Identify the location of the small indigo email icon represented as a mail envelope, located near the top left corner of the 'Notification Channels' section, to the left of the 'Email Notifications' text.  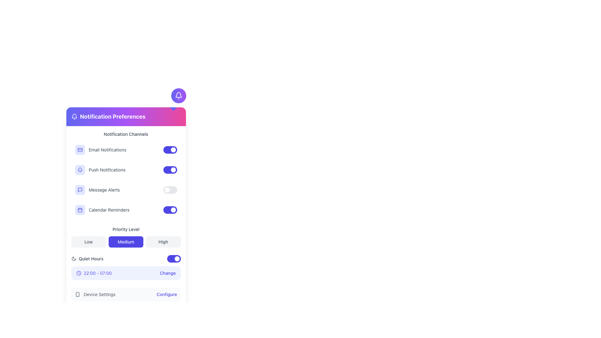
(80, 150).